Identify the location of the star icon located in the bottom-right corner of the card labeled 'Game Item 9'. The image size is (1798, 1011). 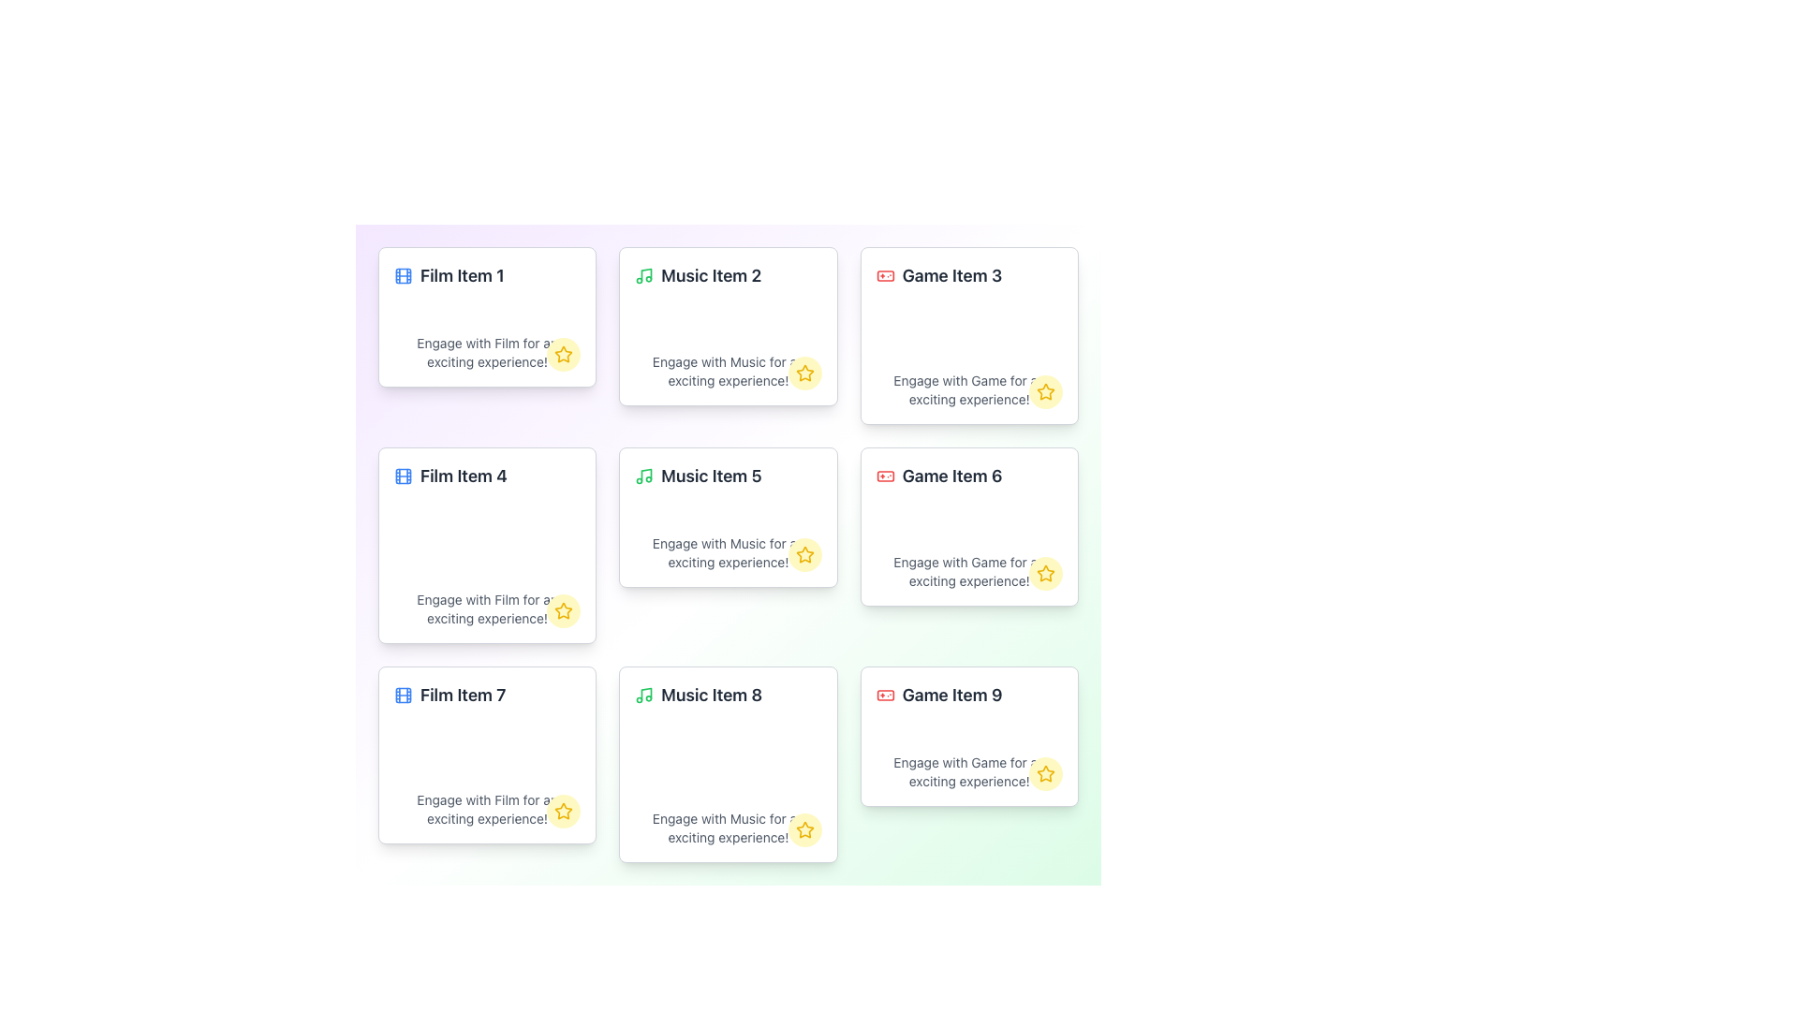
(1045, 773).